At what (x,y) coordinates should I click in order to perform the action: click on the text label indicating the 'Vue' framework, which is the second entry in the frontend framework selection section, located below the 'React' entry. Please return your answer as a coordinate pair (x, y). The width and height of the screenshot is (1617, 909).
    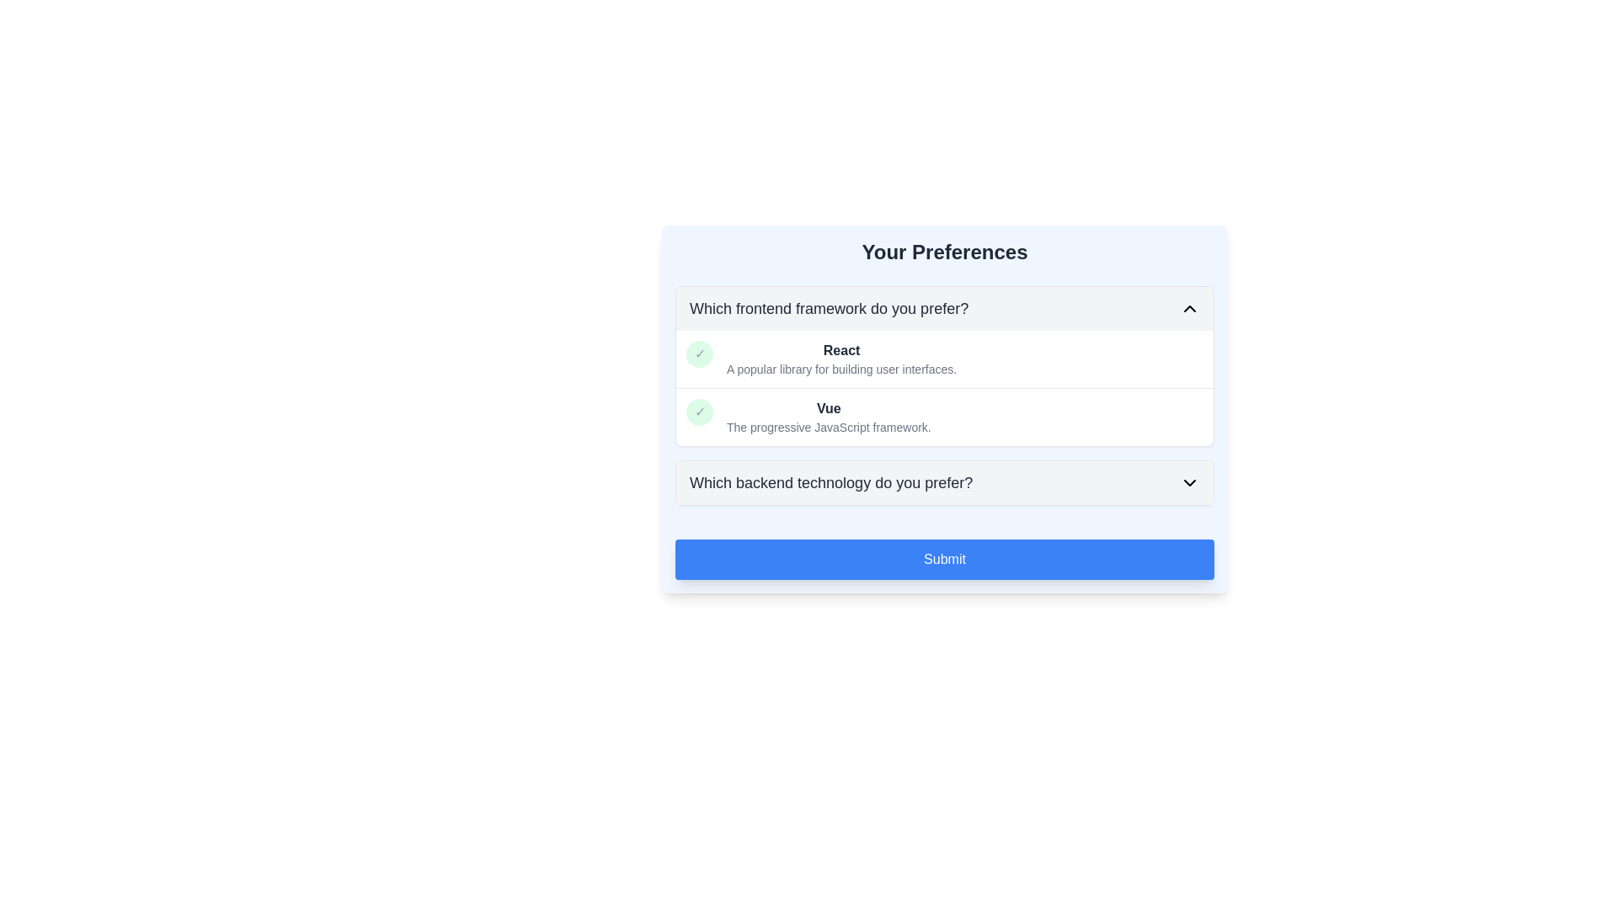
    Looking at the image, I should click on (829, 417).